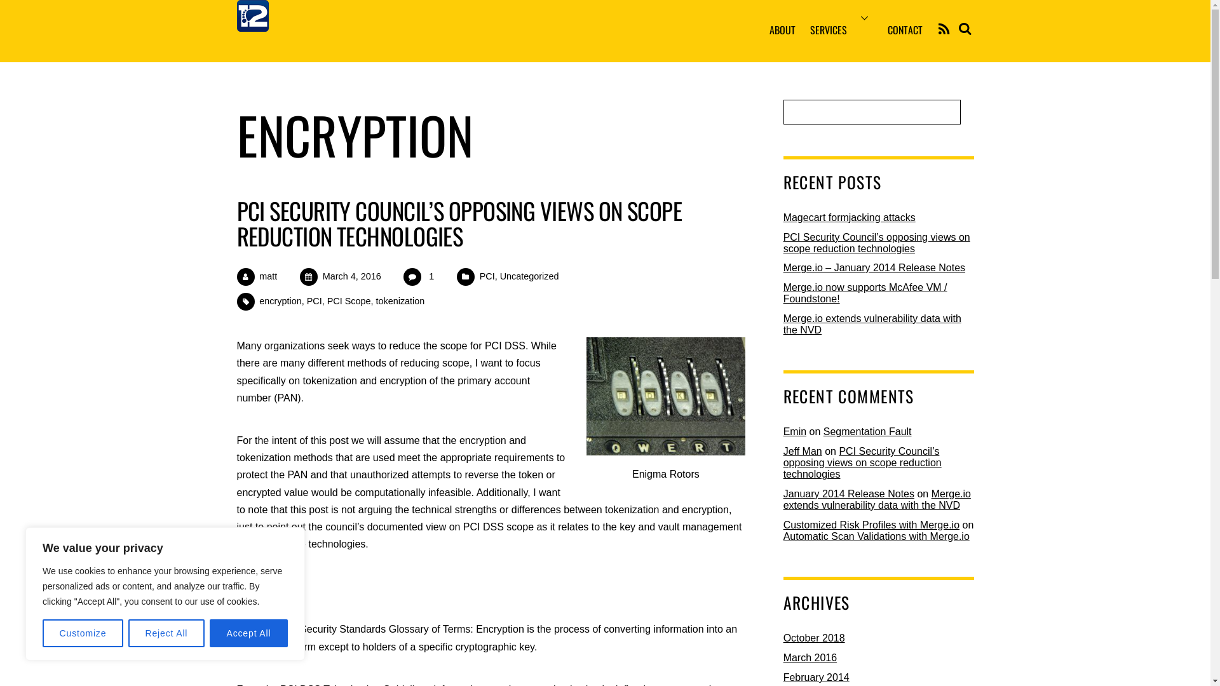  Describe the element at coordinates (810, 657) in the screenshot. I see `'March 2016'` at that location.